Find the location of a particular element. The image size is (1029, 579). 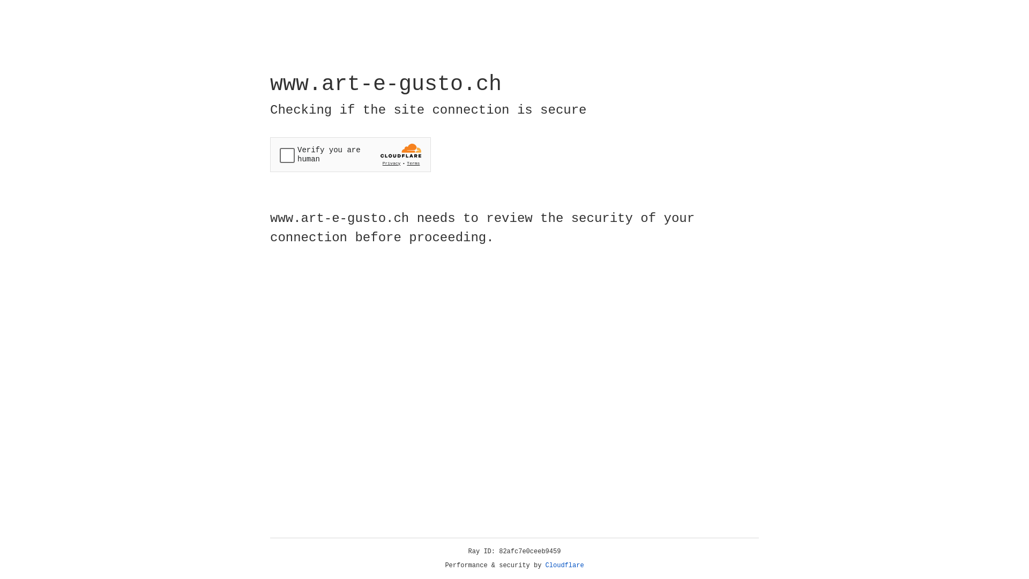

'Cloudflare' is located at coordinates (545, 565).